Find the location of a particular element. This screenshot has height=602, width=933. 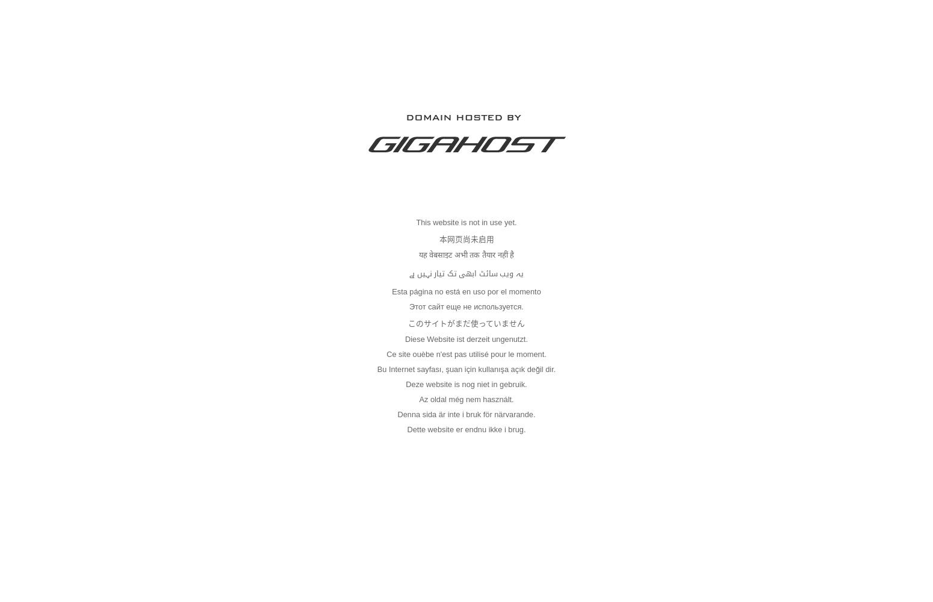

'Esta página no está en uso por el momento' is located at coordinates (391, 291).